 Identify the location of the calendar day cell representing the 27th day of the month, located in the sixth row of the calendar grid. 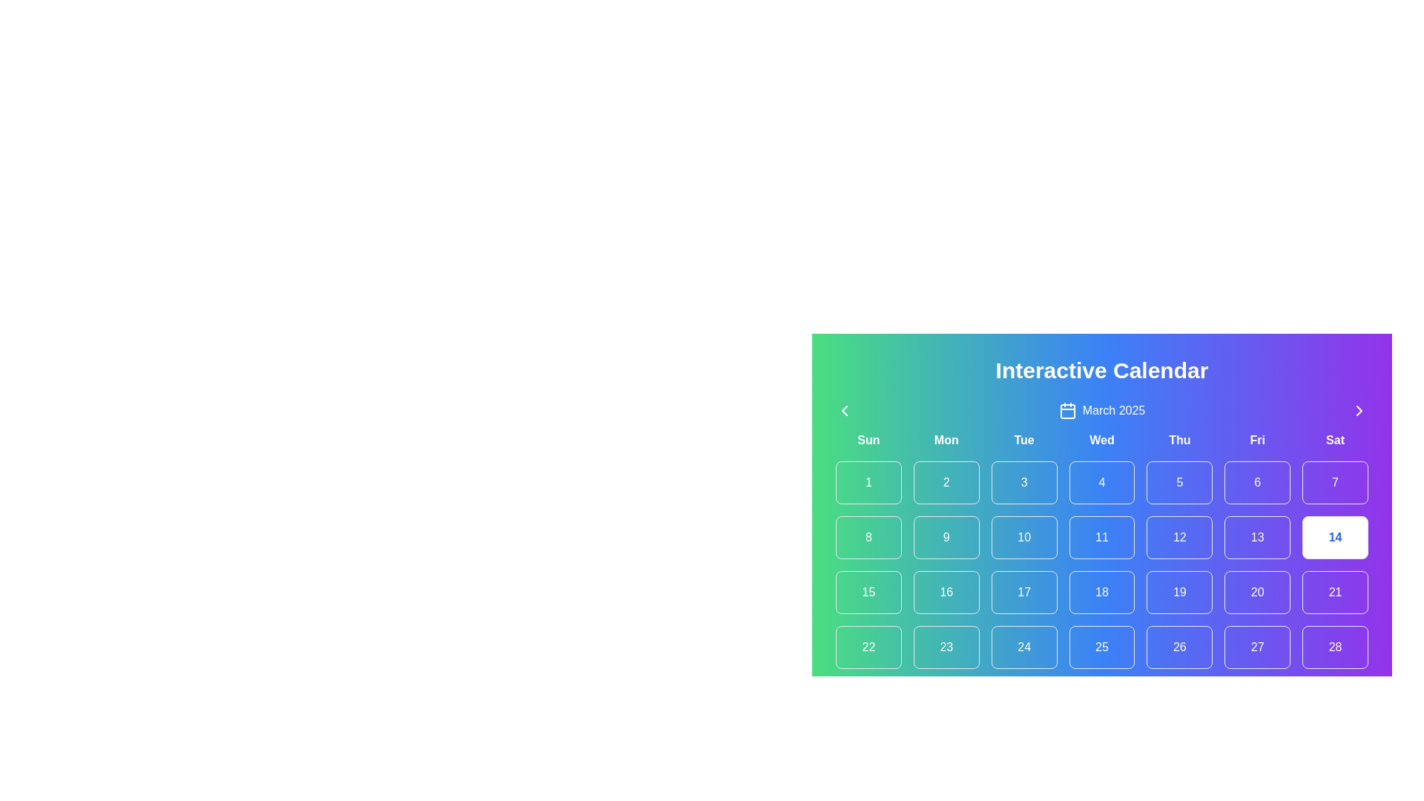
(1256, 646).